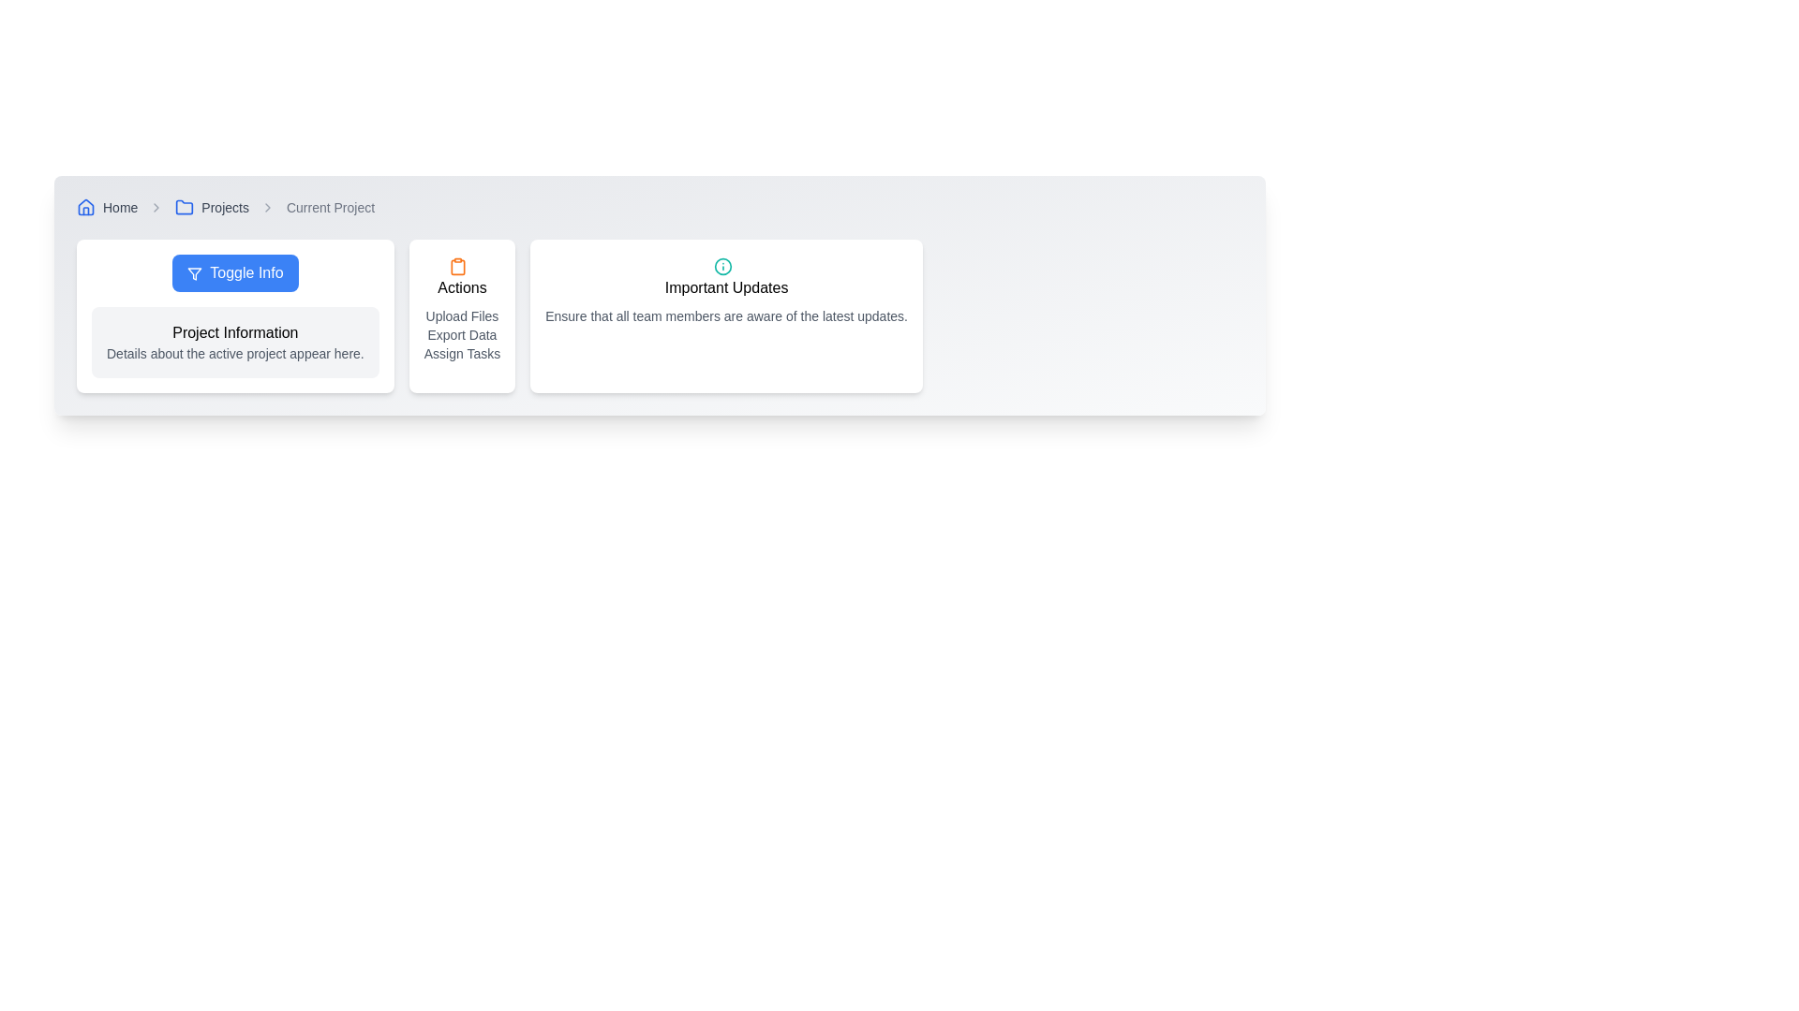  I want to click on the orange clipboard icon with rounded features located to the left of the text 'Actions' in the 'Actions' card group, so click(458, 266).